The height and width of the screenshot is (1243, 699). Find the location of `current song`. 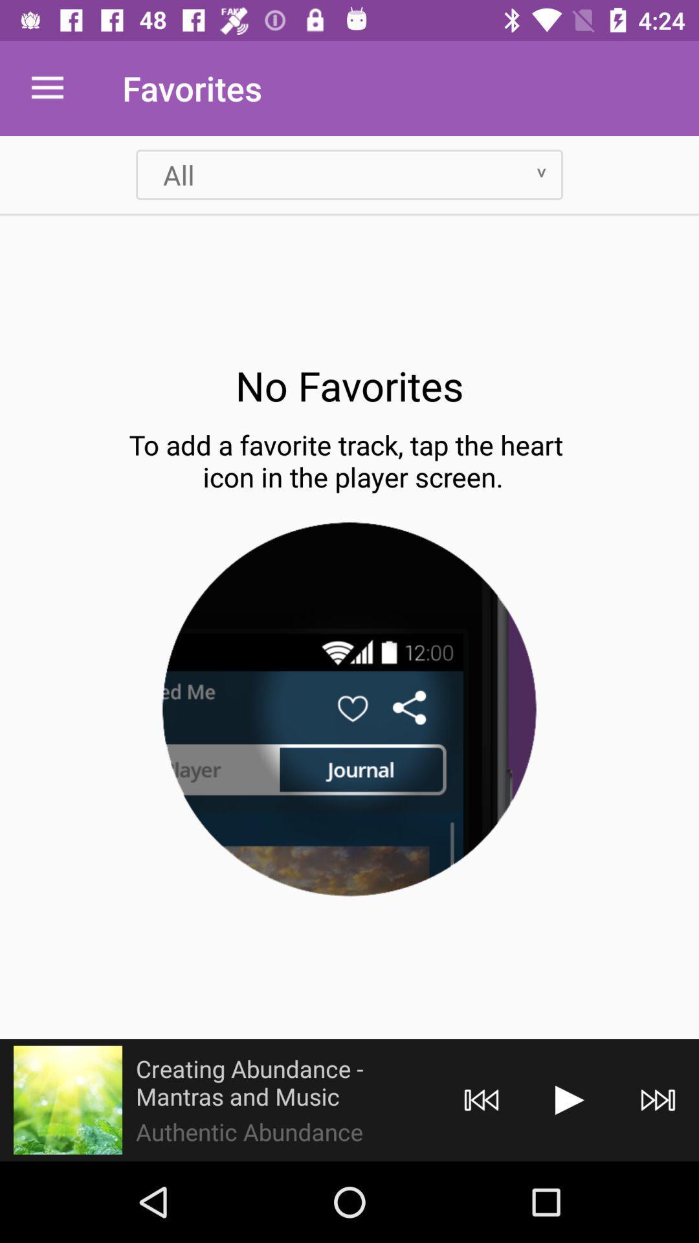

current song is located at coordinates (67, 1099).